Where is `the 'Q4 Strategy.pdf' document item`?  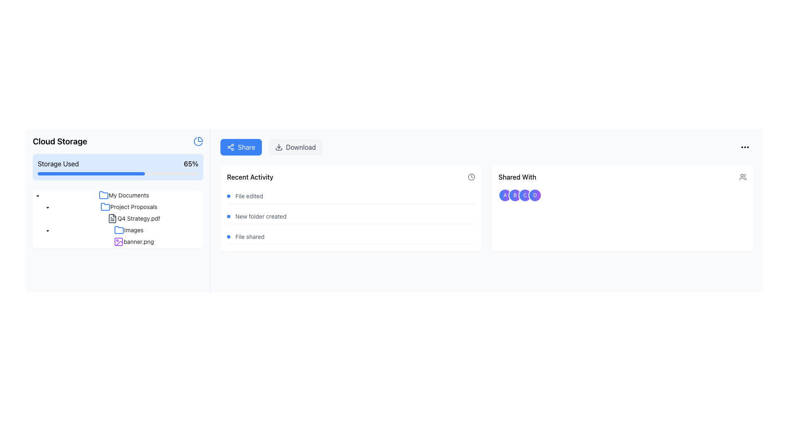
the 'Q4 Strategy.pdf' document item is located at coordinates (134, 218).